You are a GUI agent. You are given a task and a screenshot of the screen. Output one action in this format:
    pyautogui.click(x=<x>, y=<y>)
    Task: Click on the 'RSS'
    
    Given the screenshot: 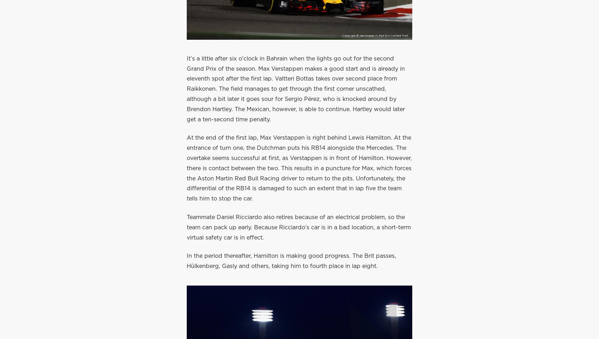 What is the action you would take?
    pyautogui.click(x=243, y=92)
    